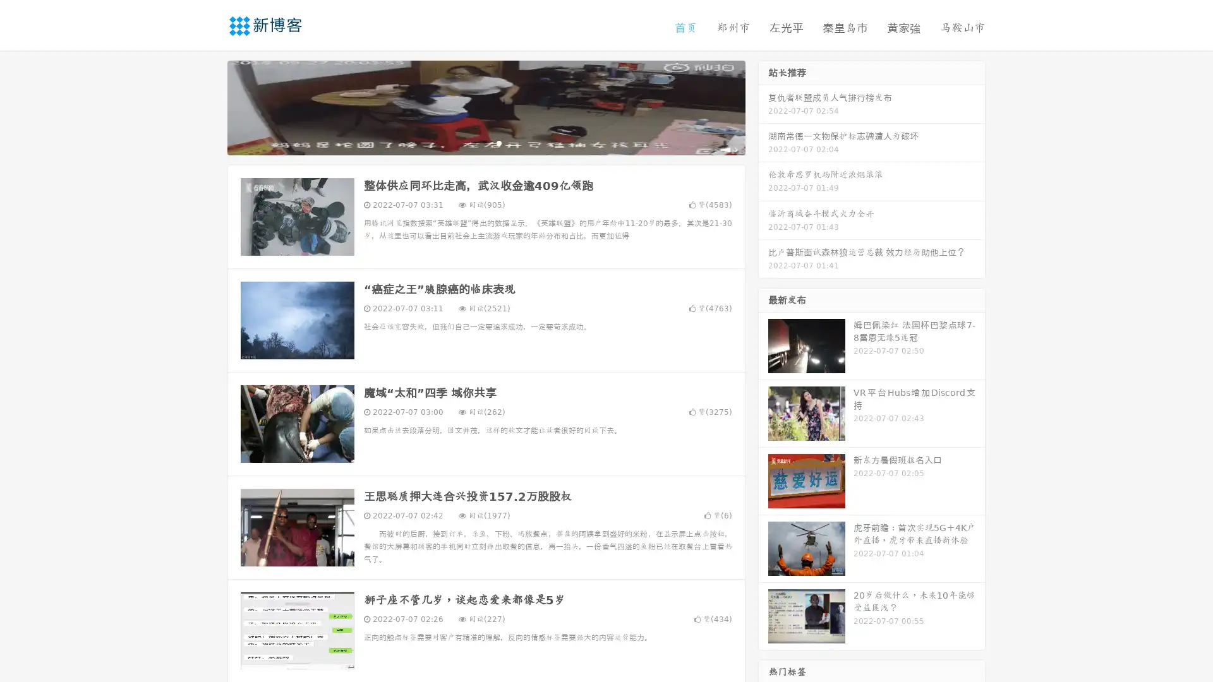 The height and width of the screenshot is (682, 1213). Describe the element at coordinates (485, 142) in the screenshot. I see `Go to slide 2` at that location.